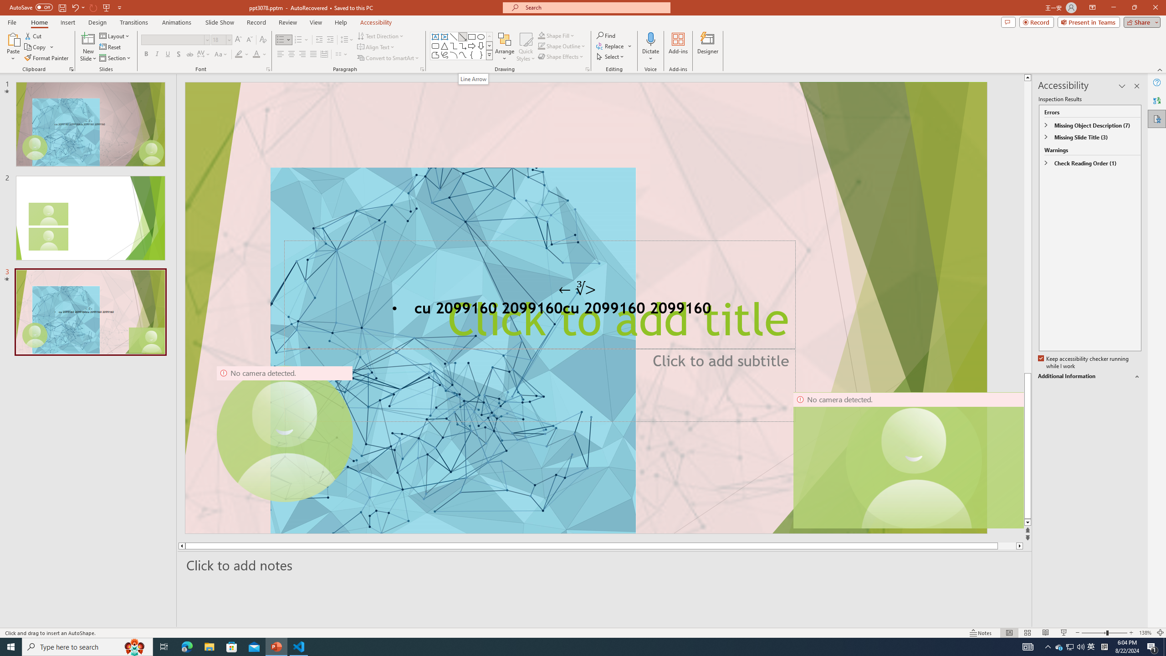  What do you see at coordinates (342, 54) in the screenshot?
I see `'Columns'` at bounding box center [342, 54].